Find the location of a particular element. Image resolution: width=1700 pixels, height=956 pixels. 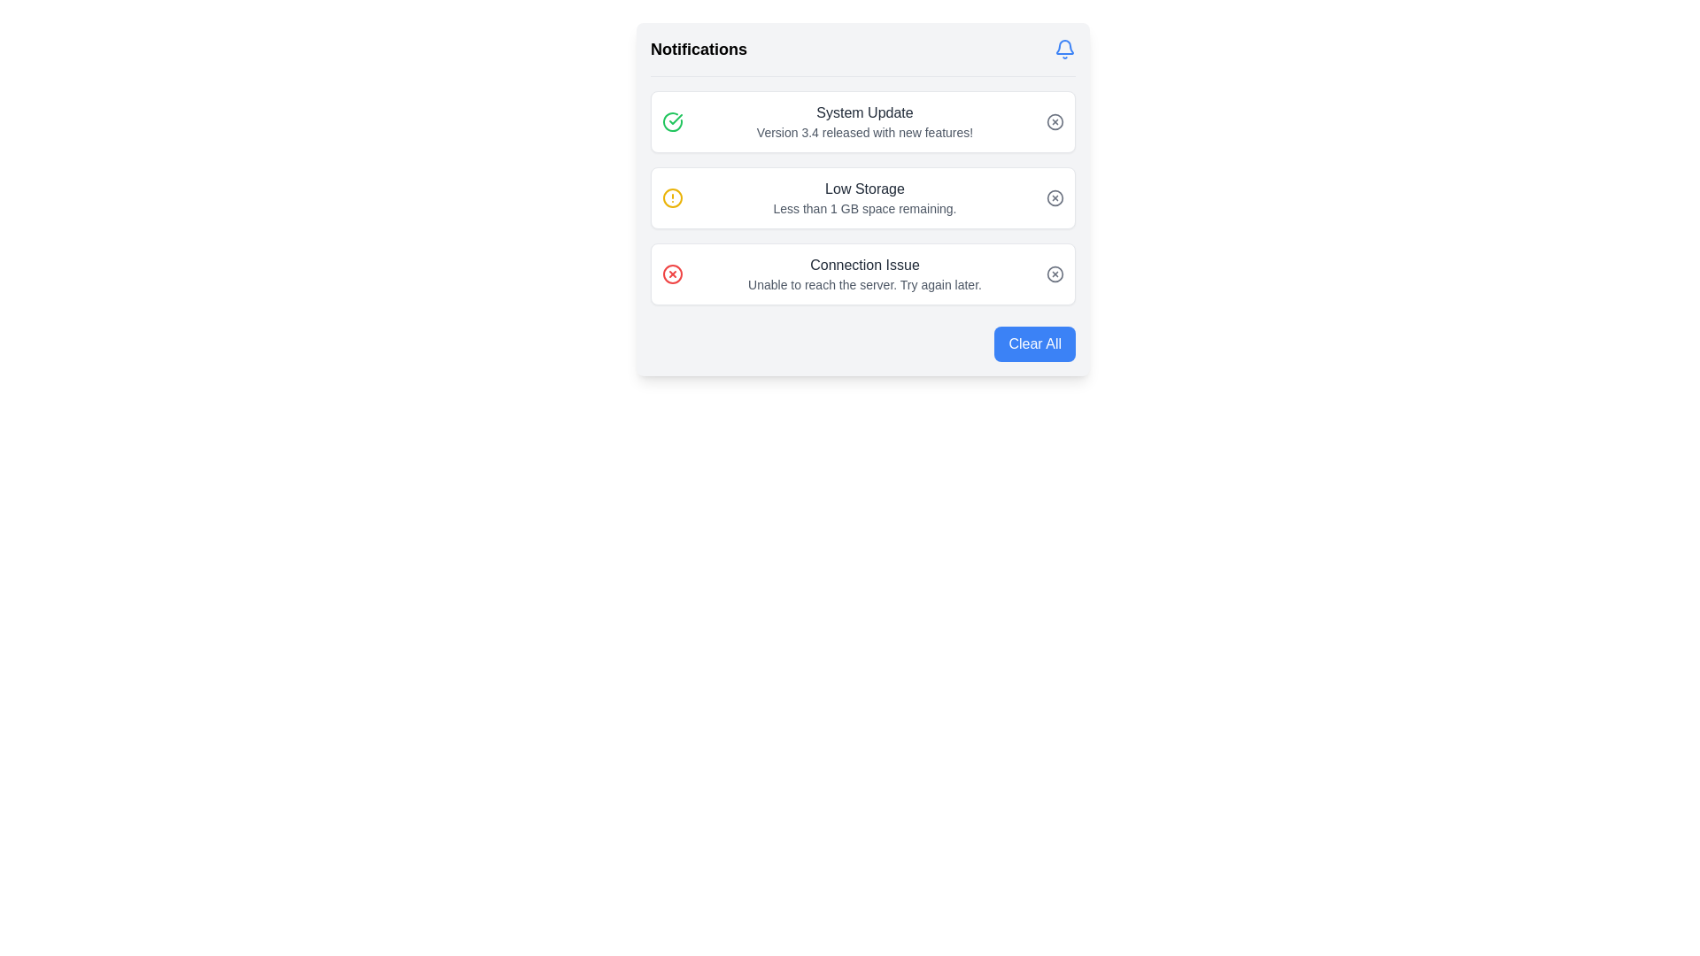

the Close button located in the top-right corner of the 'Low Storage' notification card to observe the color change is located at coordinates (1055, 197).